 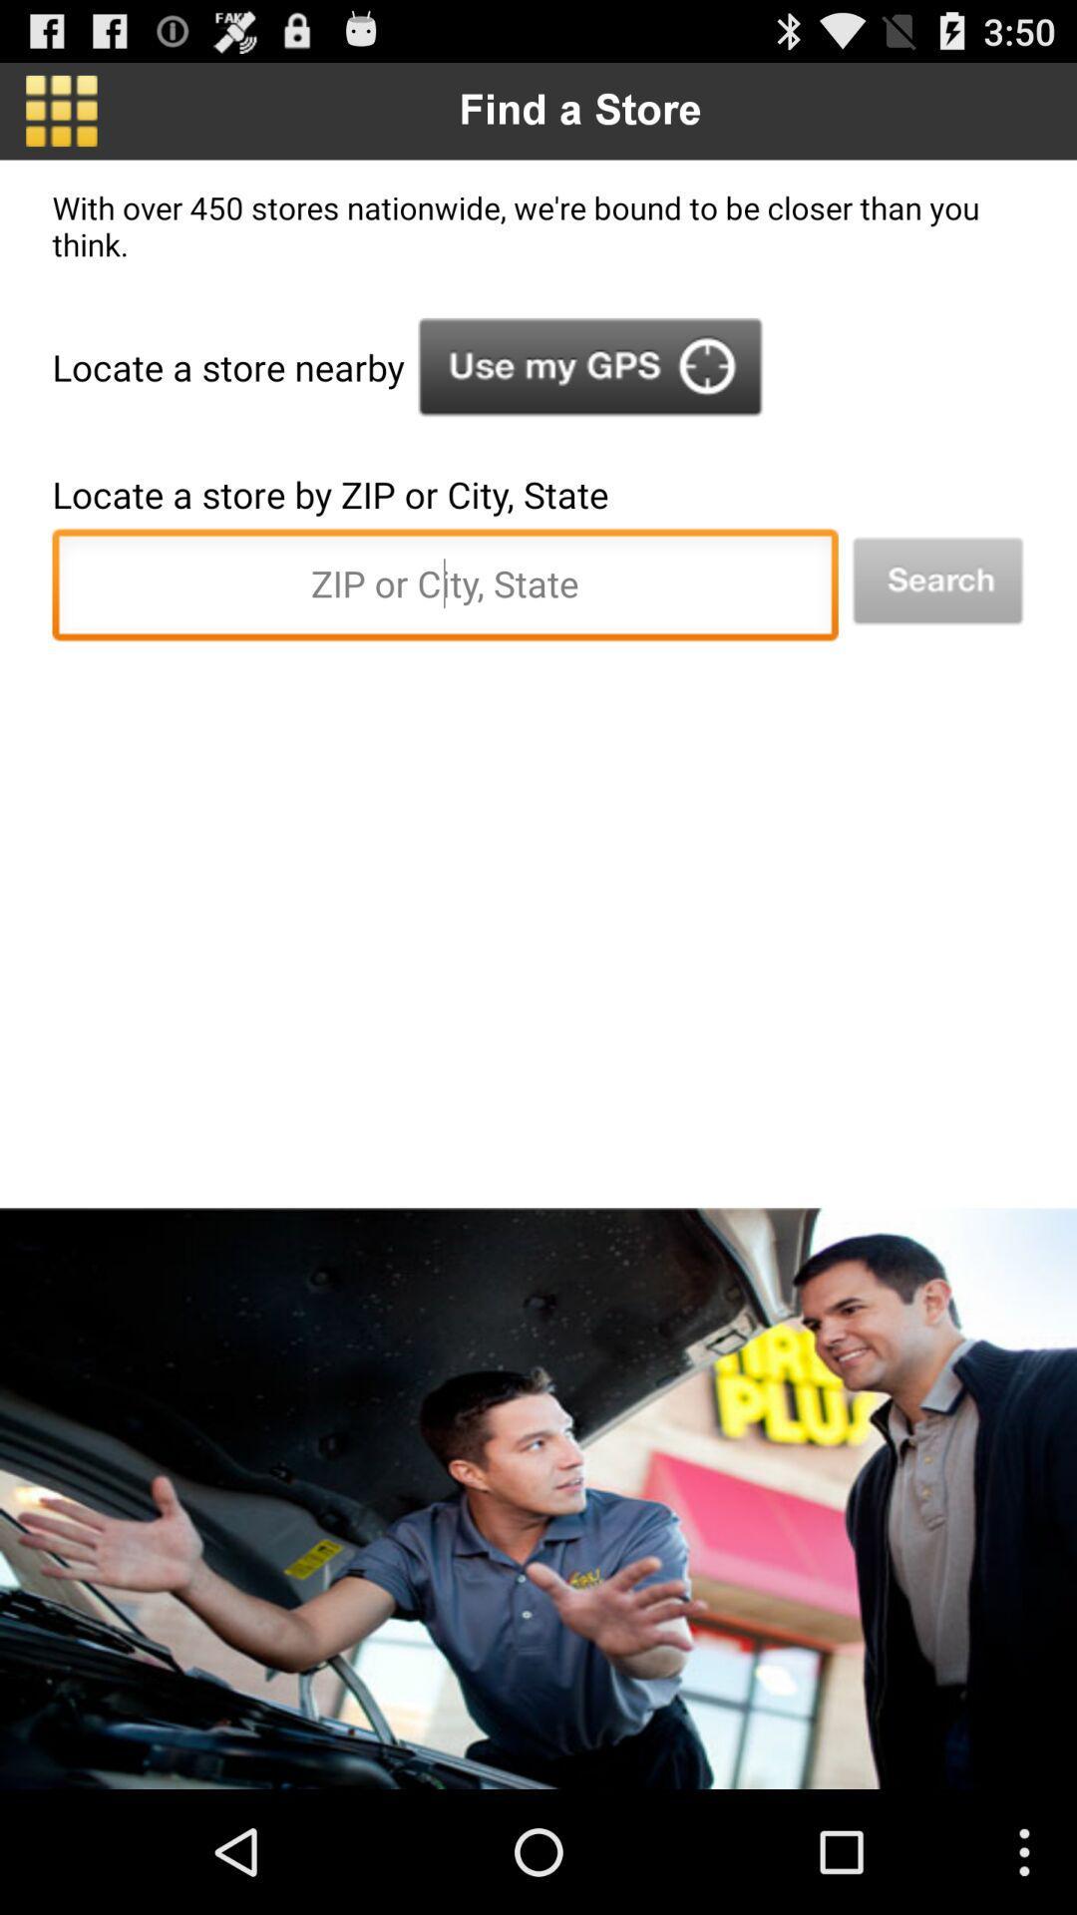 What do you see at coordinates (589, 367) in the screenshot?
I see `option to choose gps location` at bounding box center [589, 367].